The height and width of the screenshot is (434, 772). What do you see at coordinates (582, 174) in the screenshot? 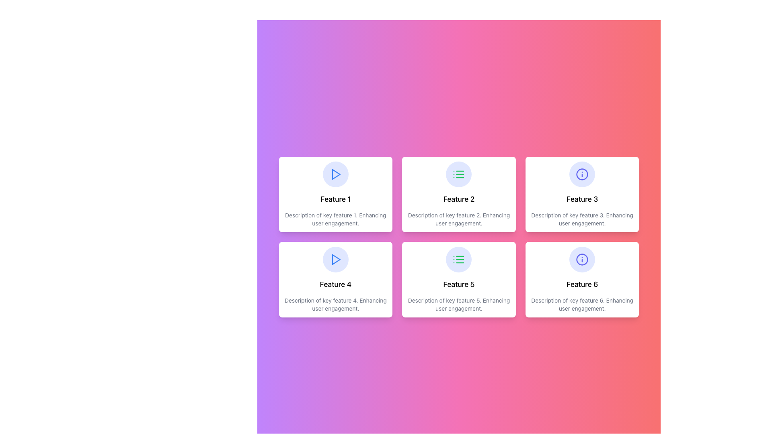
I see `the indigo information icon located within the 'Feature 3' card in the top row of the grid layout` at bounding box center [582, 174].